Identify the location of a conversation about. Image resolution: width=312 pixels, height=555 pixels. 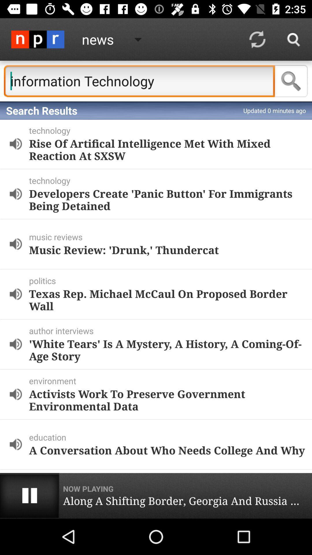
(167, 450).